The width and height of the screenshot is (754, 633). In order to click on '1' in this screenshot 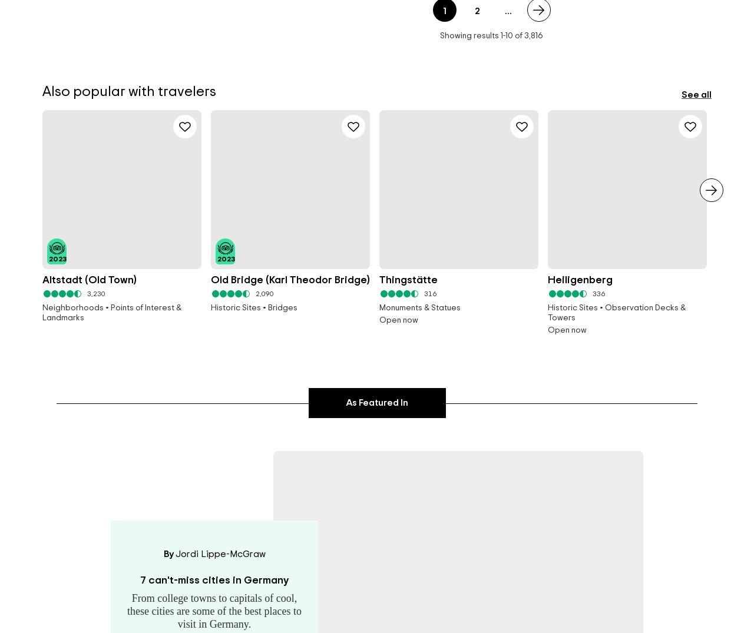, I will do `click(501, 35)`.